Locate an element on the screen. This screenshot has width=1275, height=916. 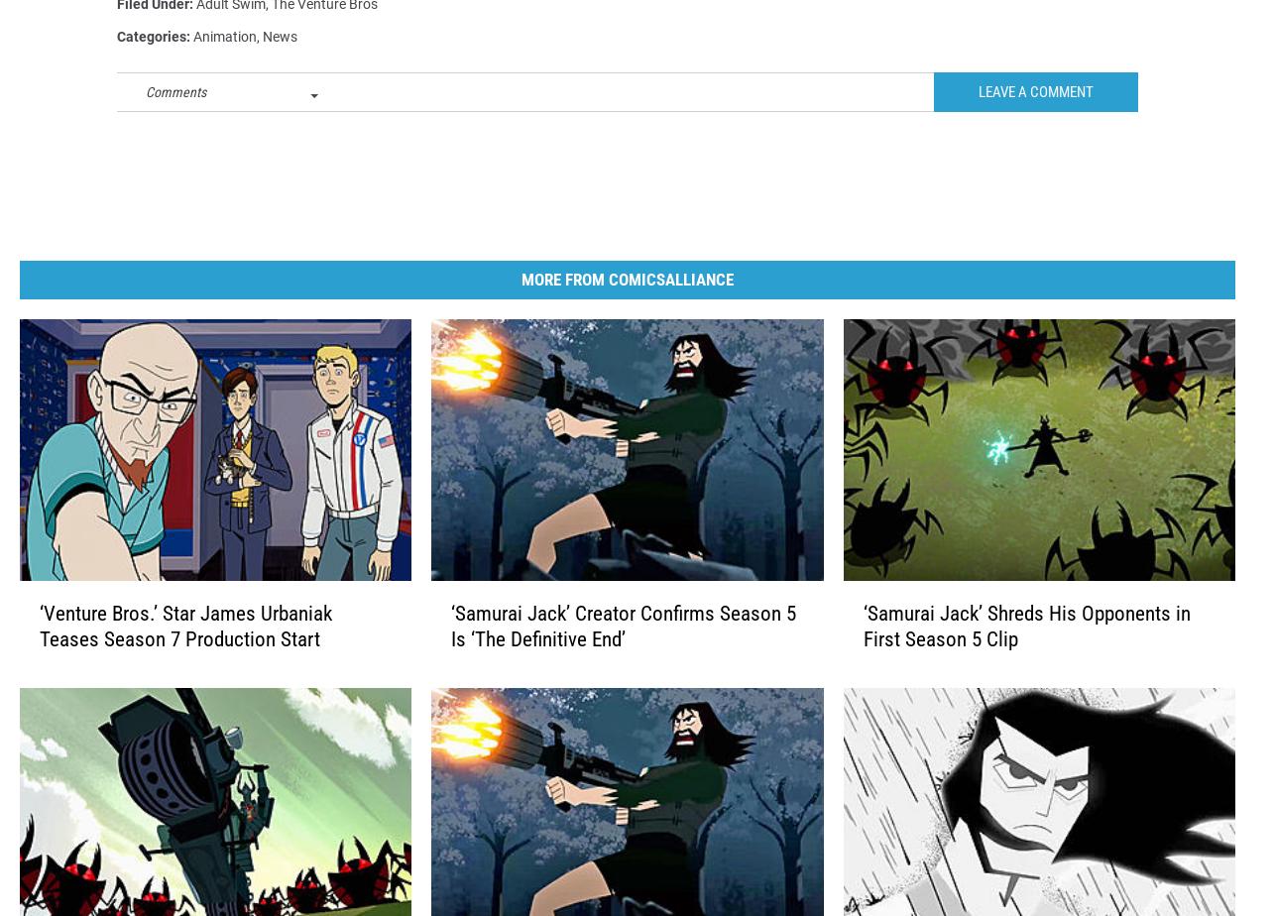
'Comments' is located at coordinates (175, 124).